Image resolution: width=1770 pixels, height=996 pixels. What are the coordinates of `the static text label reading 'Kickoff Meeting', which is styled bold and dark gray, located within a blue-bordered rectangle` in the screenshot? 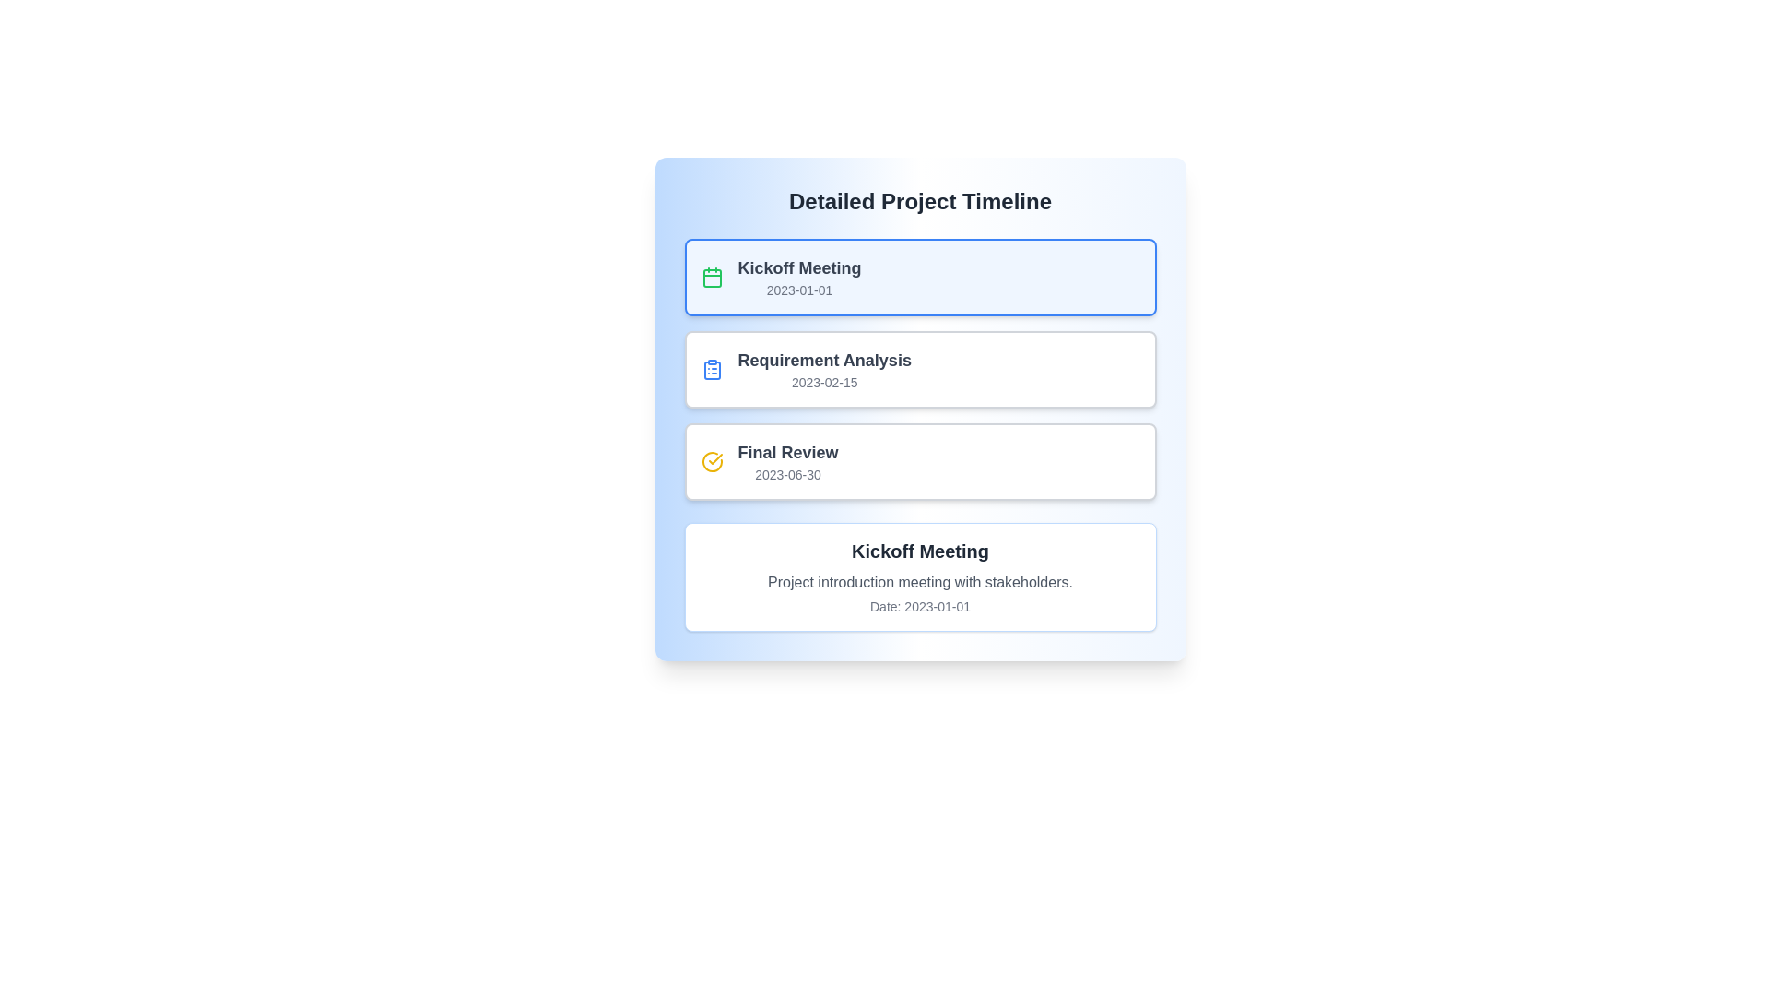 It's located at (799, 267).